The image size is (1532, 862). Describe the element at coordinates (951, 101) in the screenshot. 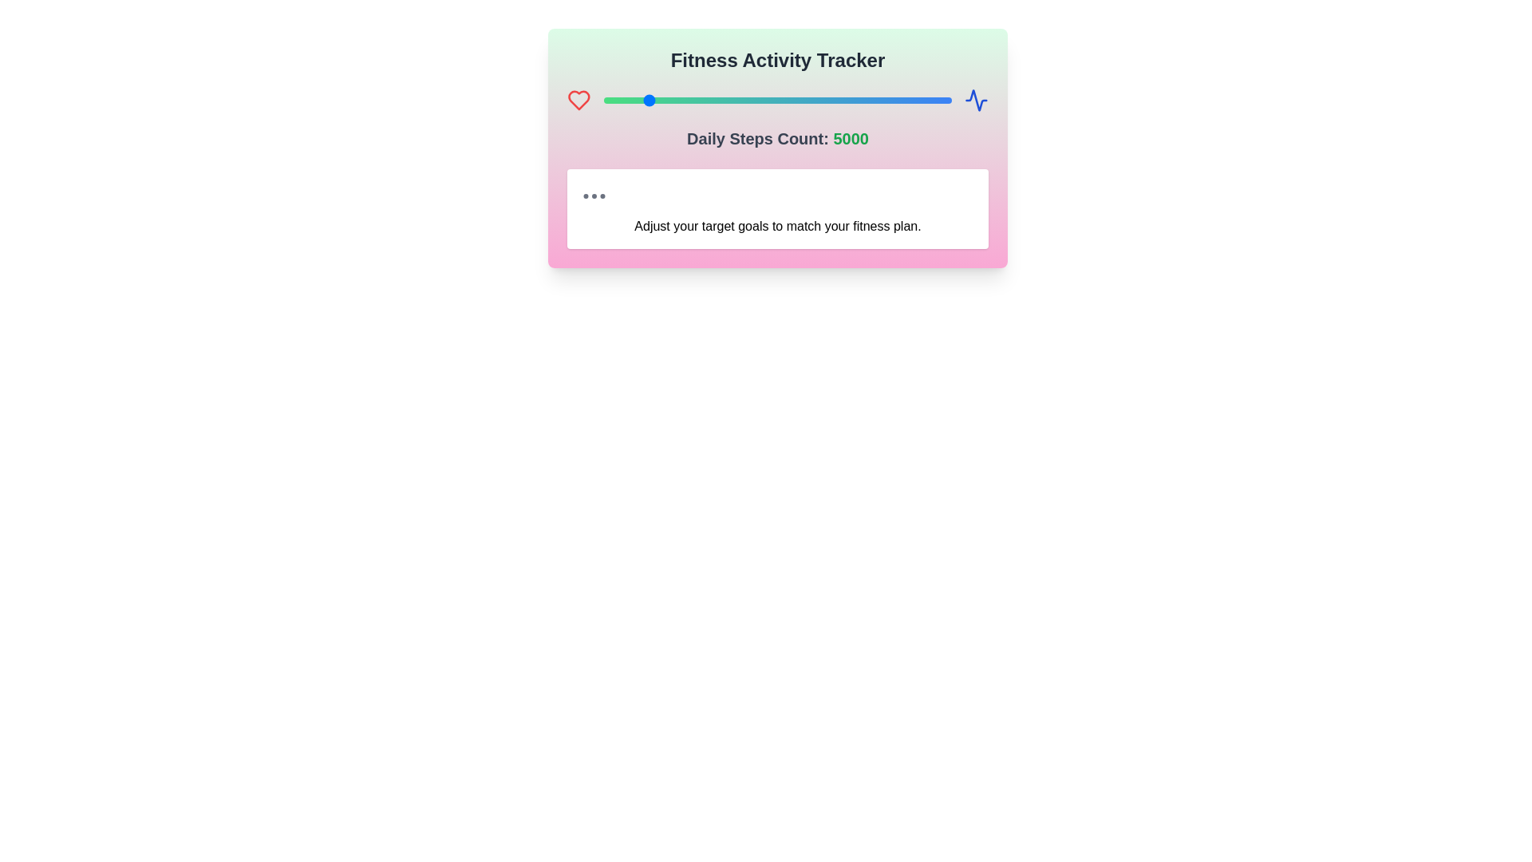

I see `the steps count to 19973 using the slider` at that location.